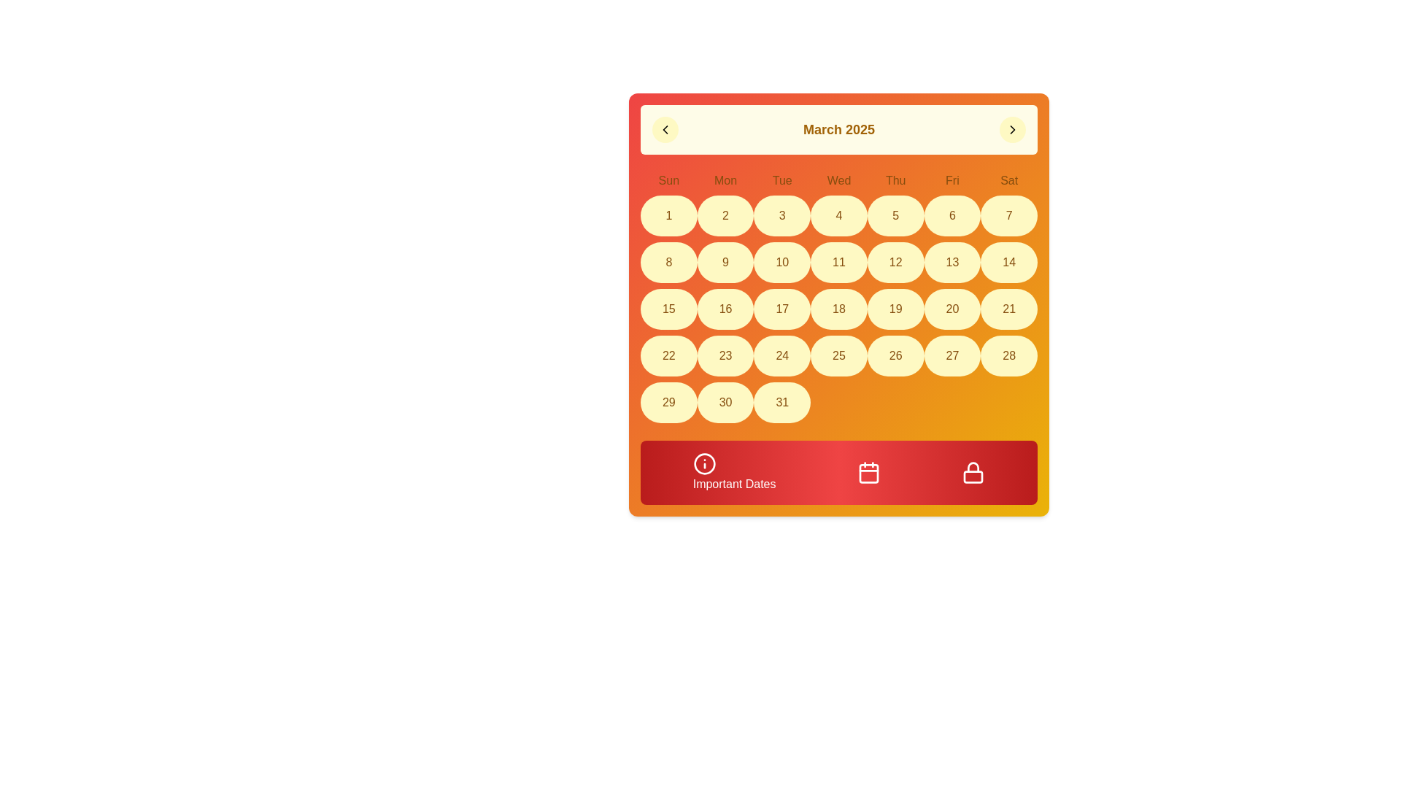  I want to click on the Day button representing the 29th day of the calendar month, so click(668, 402).